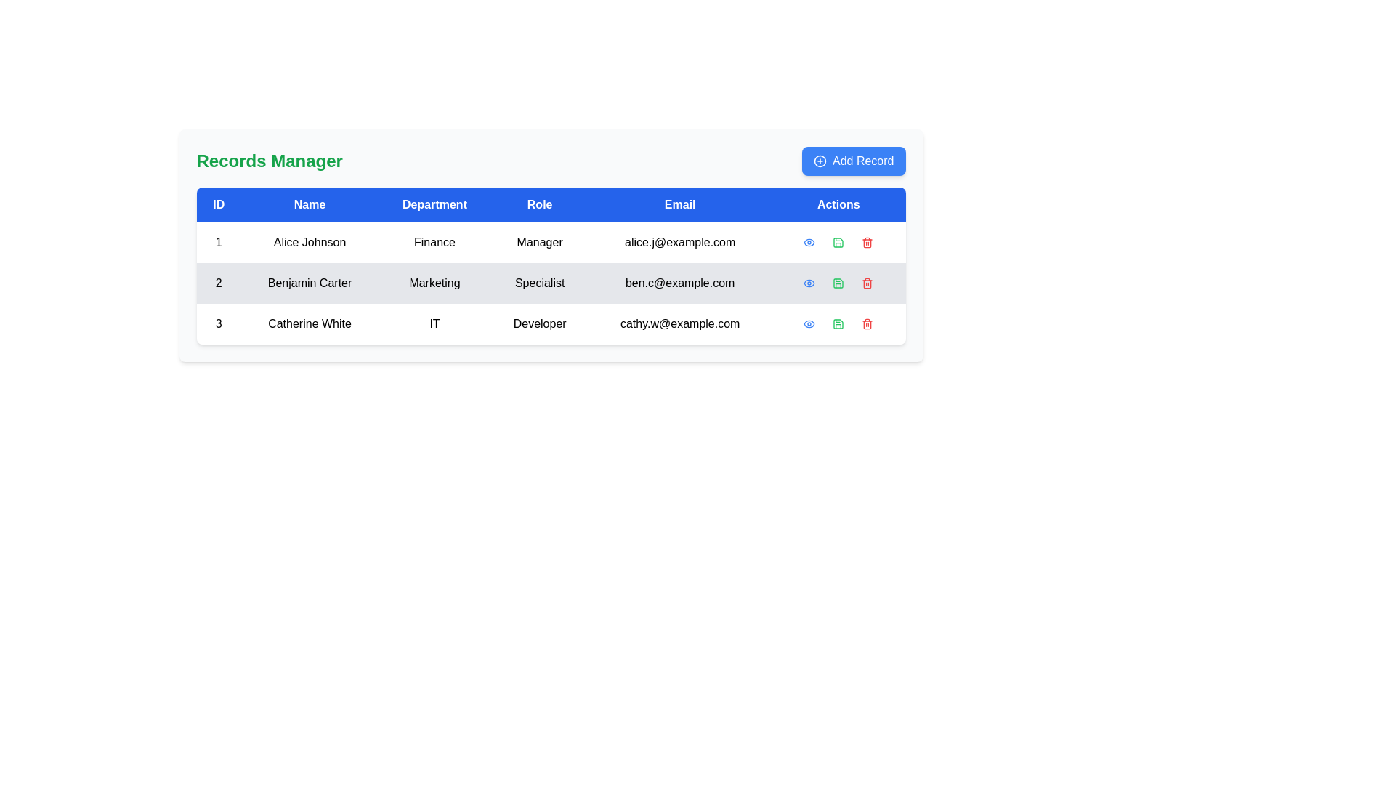 Image resolution: width=1395 pixels, height=785 pixels. Describe the element at coordinates (218, 323) in the screenshot. I see `the Text Cell that indicates the identification number or sequential position of the last row in the table, located in the column headed by 'ID'` at that location.